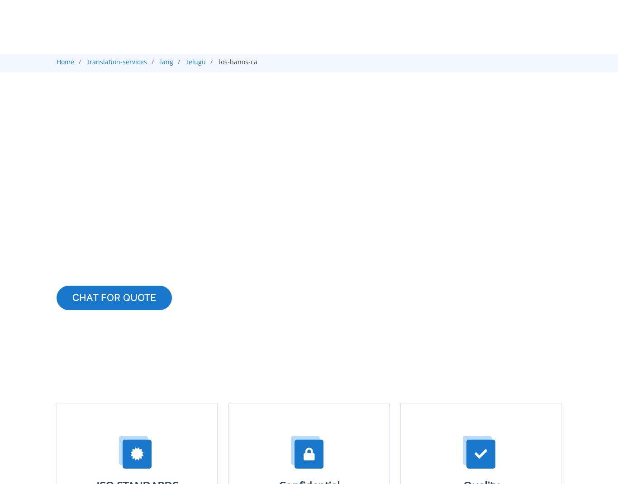 This screenshot has height=484, width=618. I want to click on 'Services', so click(370, 17).